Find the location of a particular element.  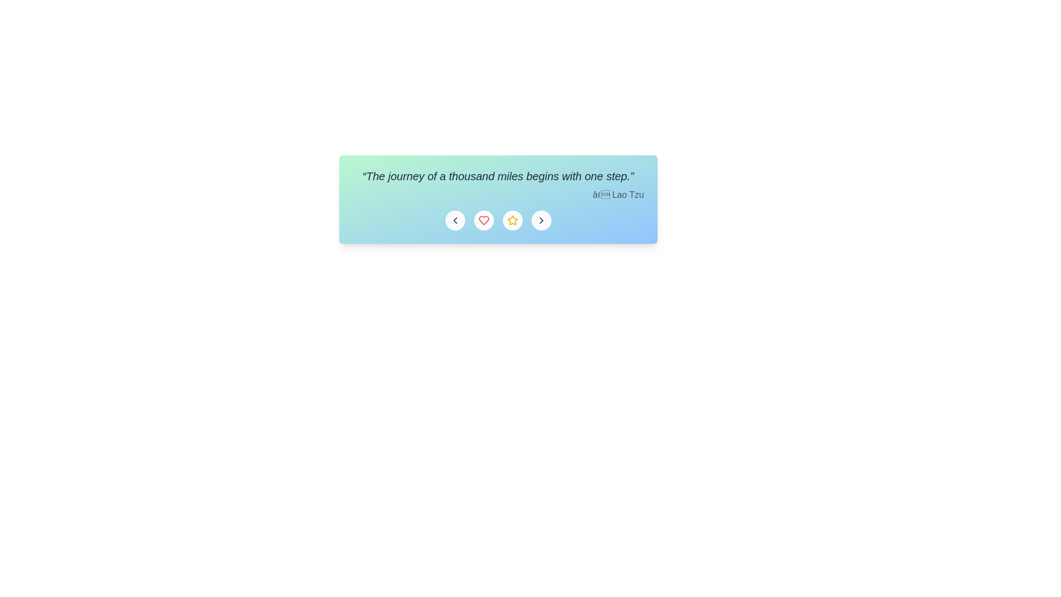

the favorite icon located centrally at the bottom part of the interface, which is the third icon in a sequence of five is located at coordinates (512, 220).